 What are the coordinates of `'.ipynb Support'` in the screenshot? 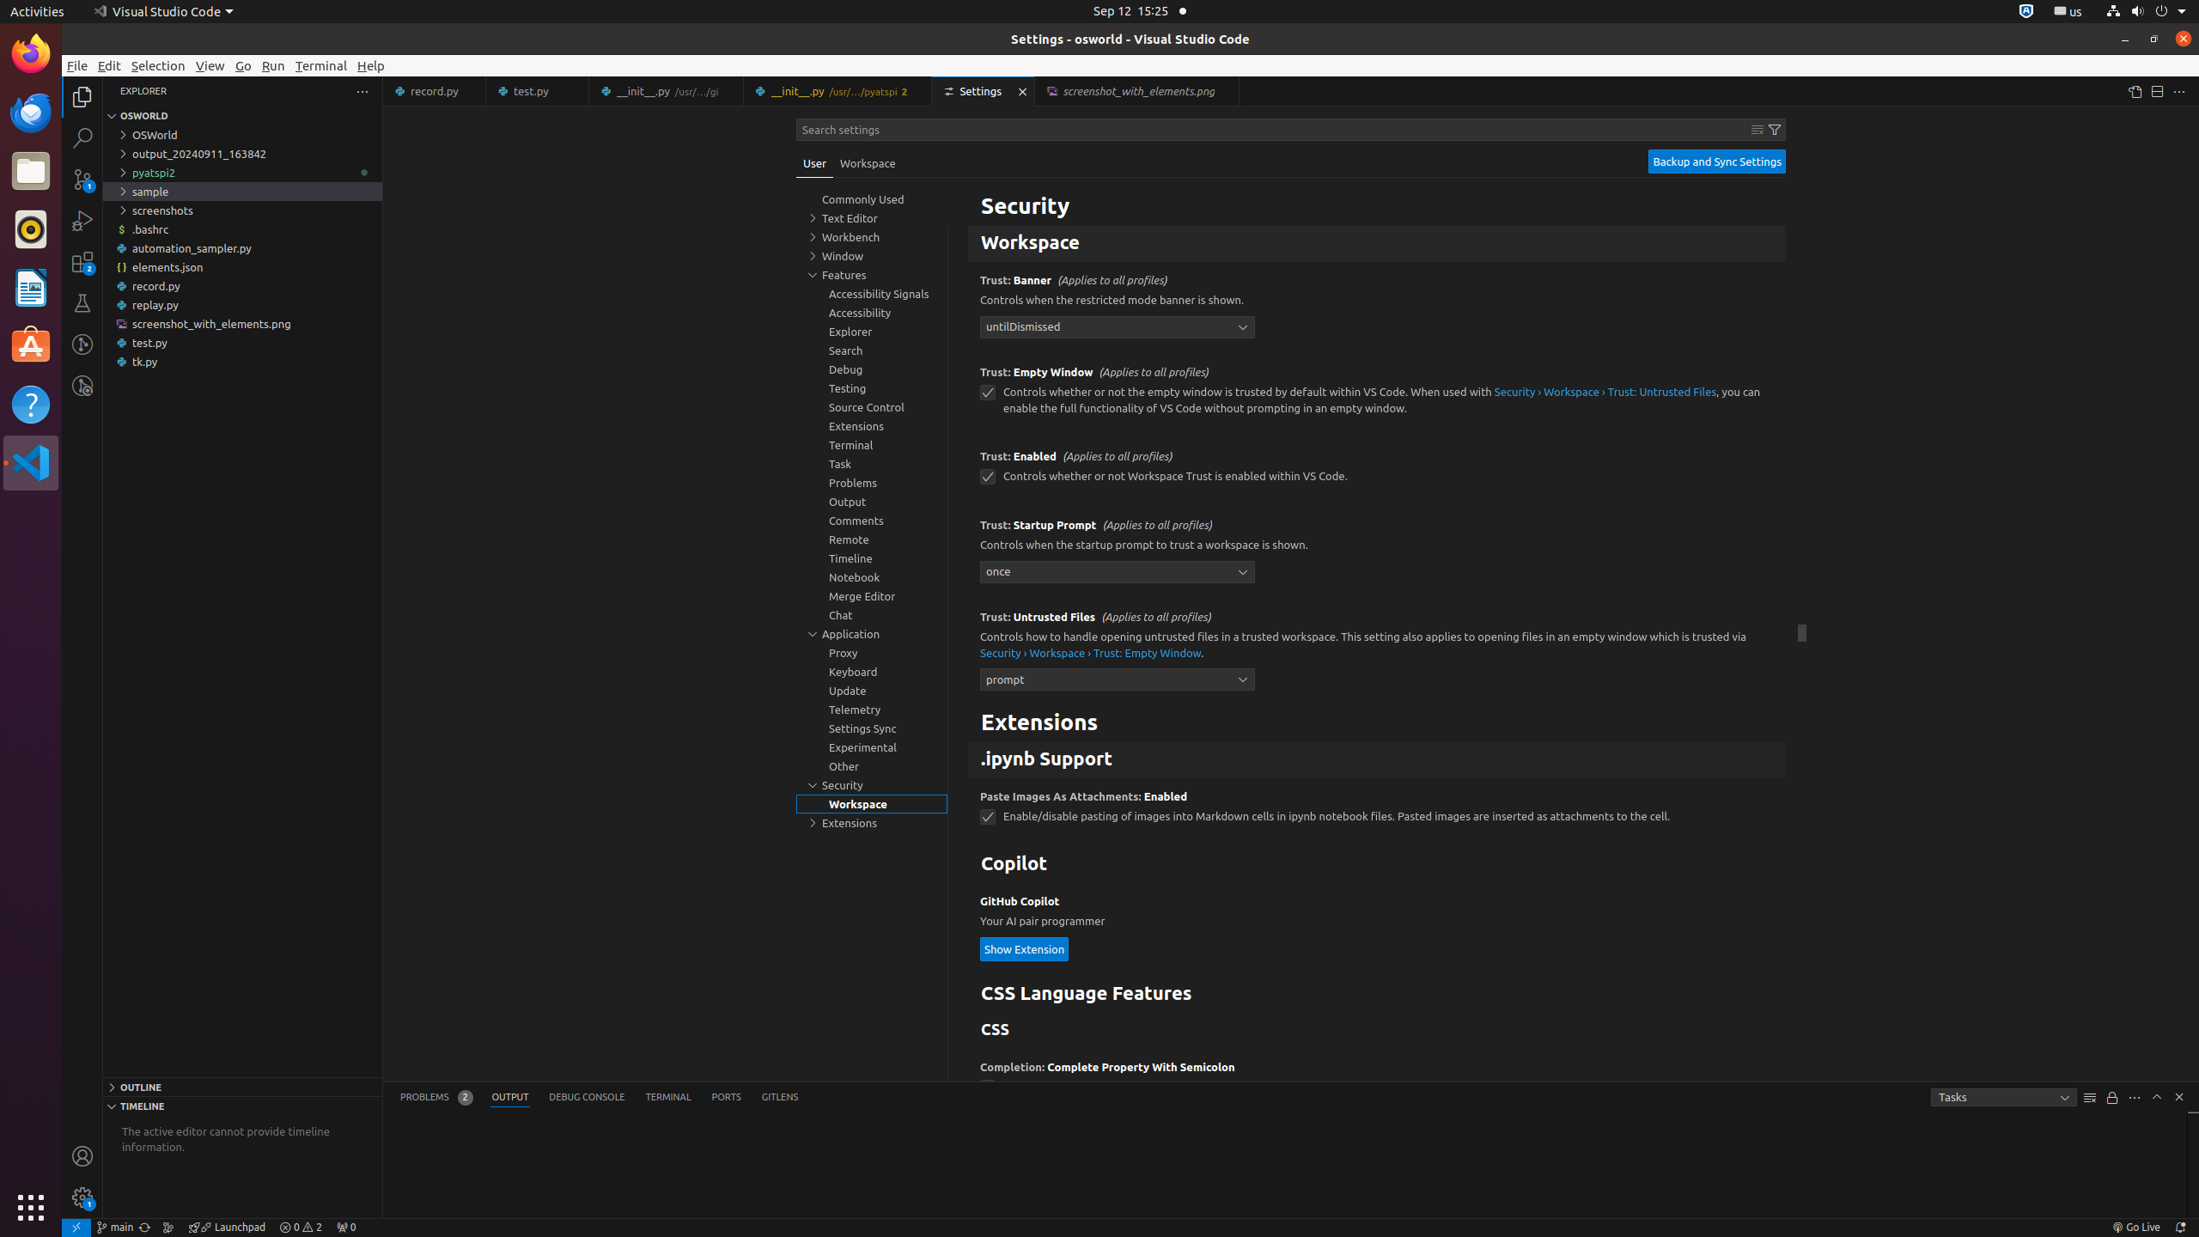 It's located at (1376, 759).